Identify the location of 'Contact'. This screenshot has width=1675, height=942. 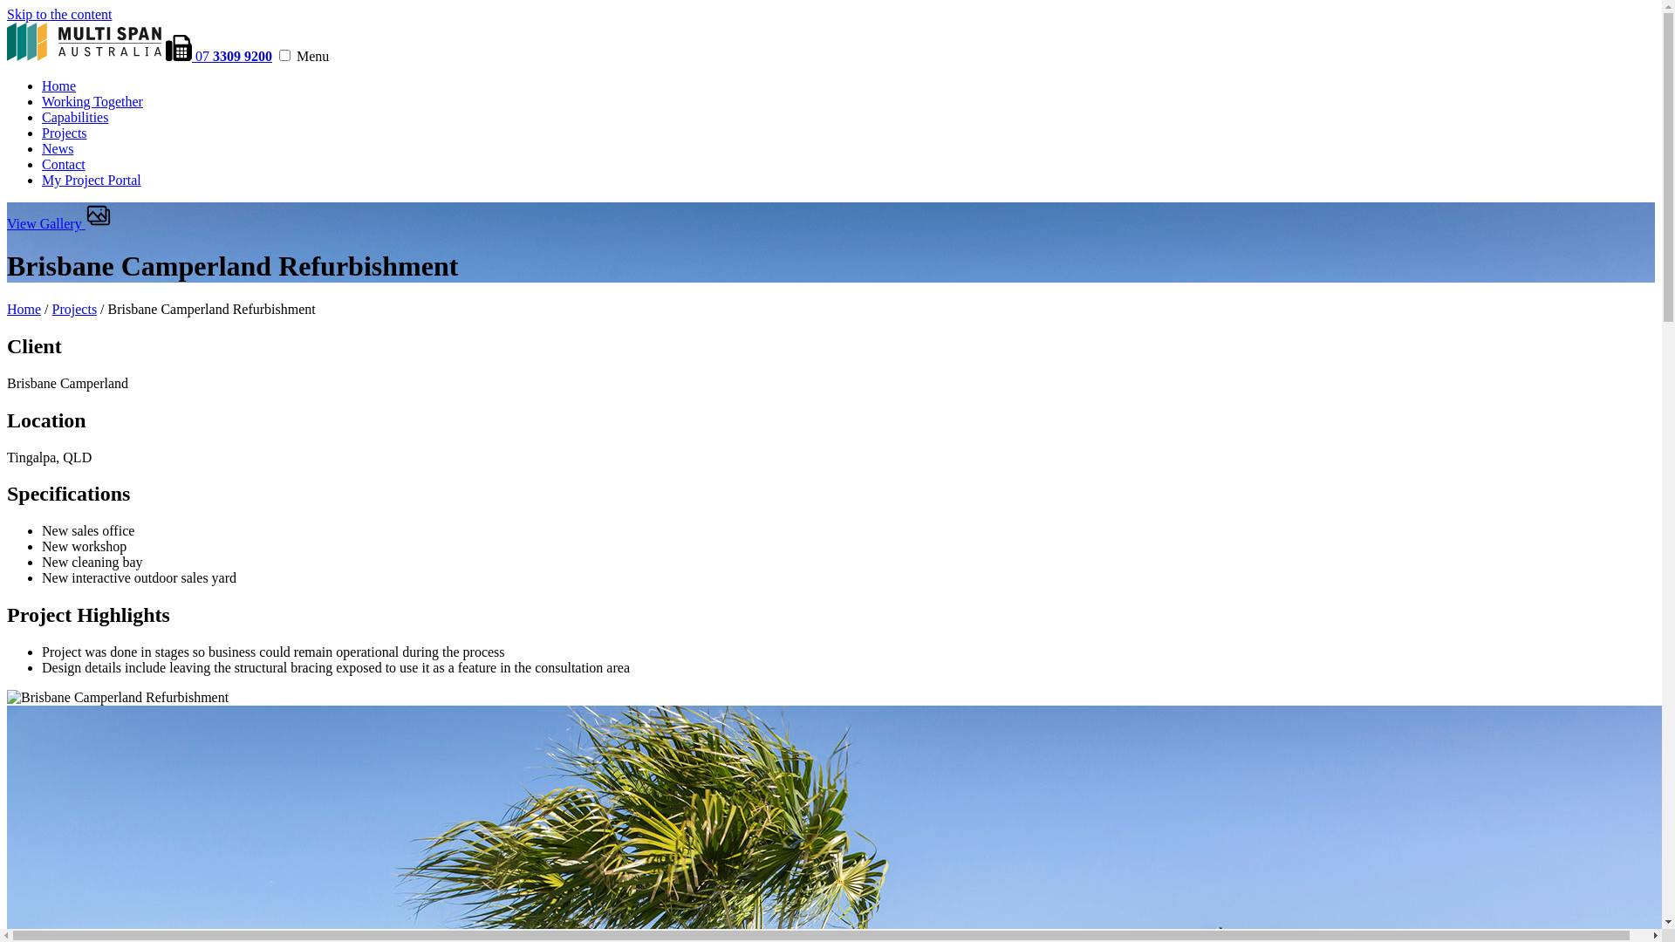
(42, 164).